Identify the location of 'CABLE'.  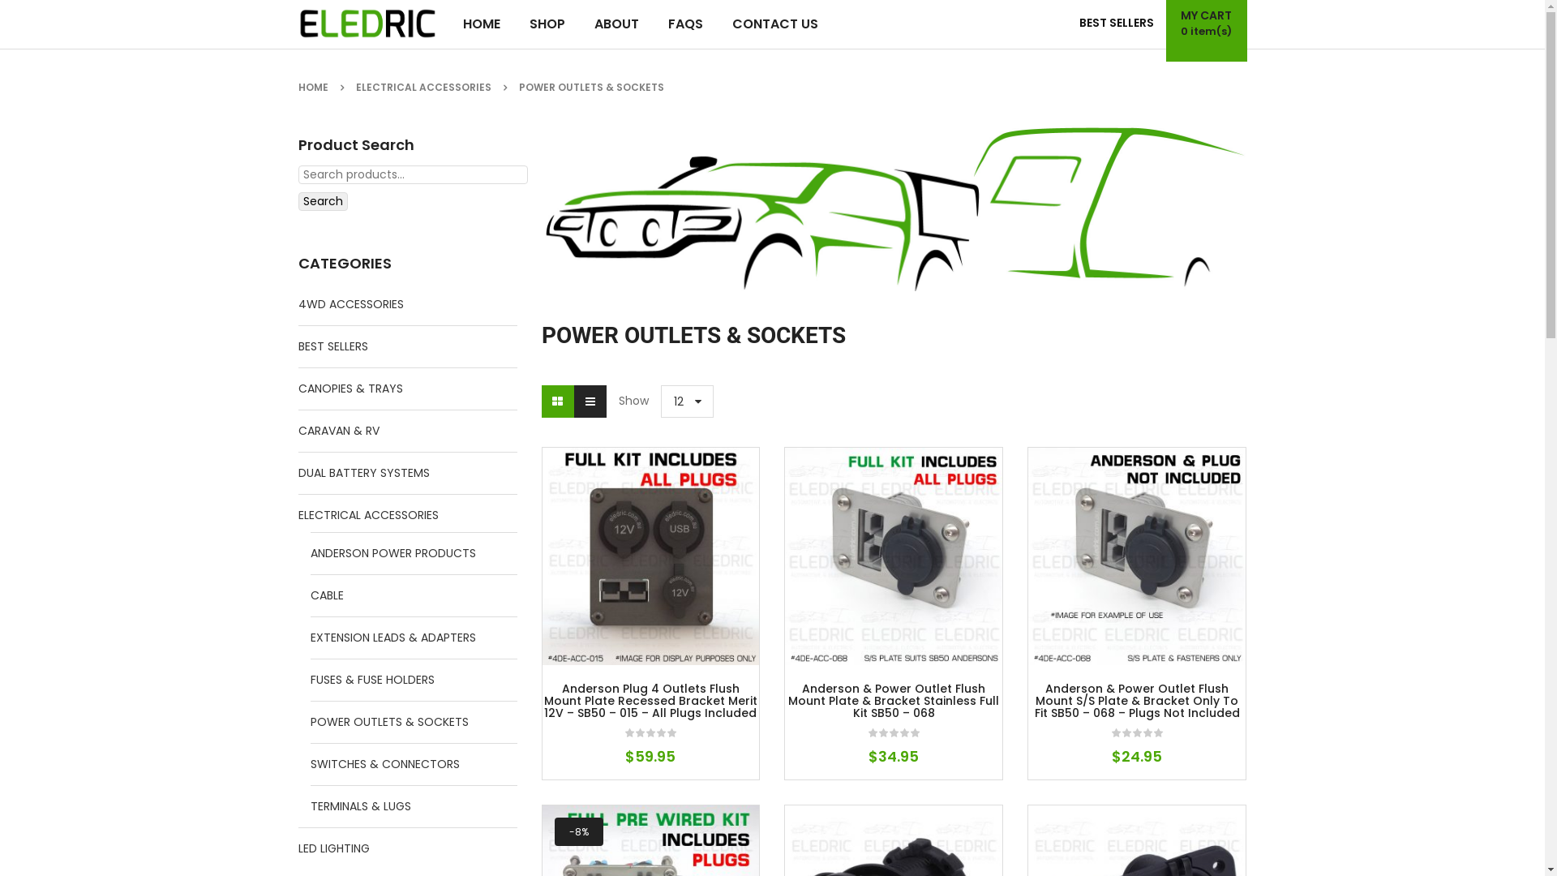
(310, 595).